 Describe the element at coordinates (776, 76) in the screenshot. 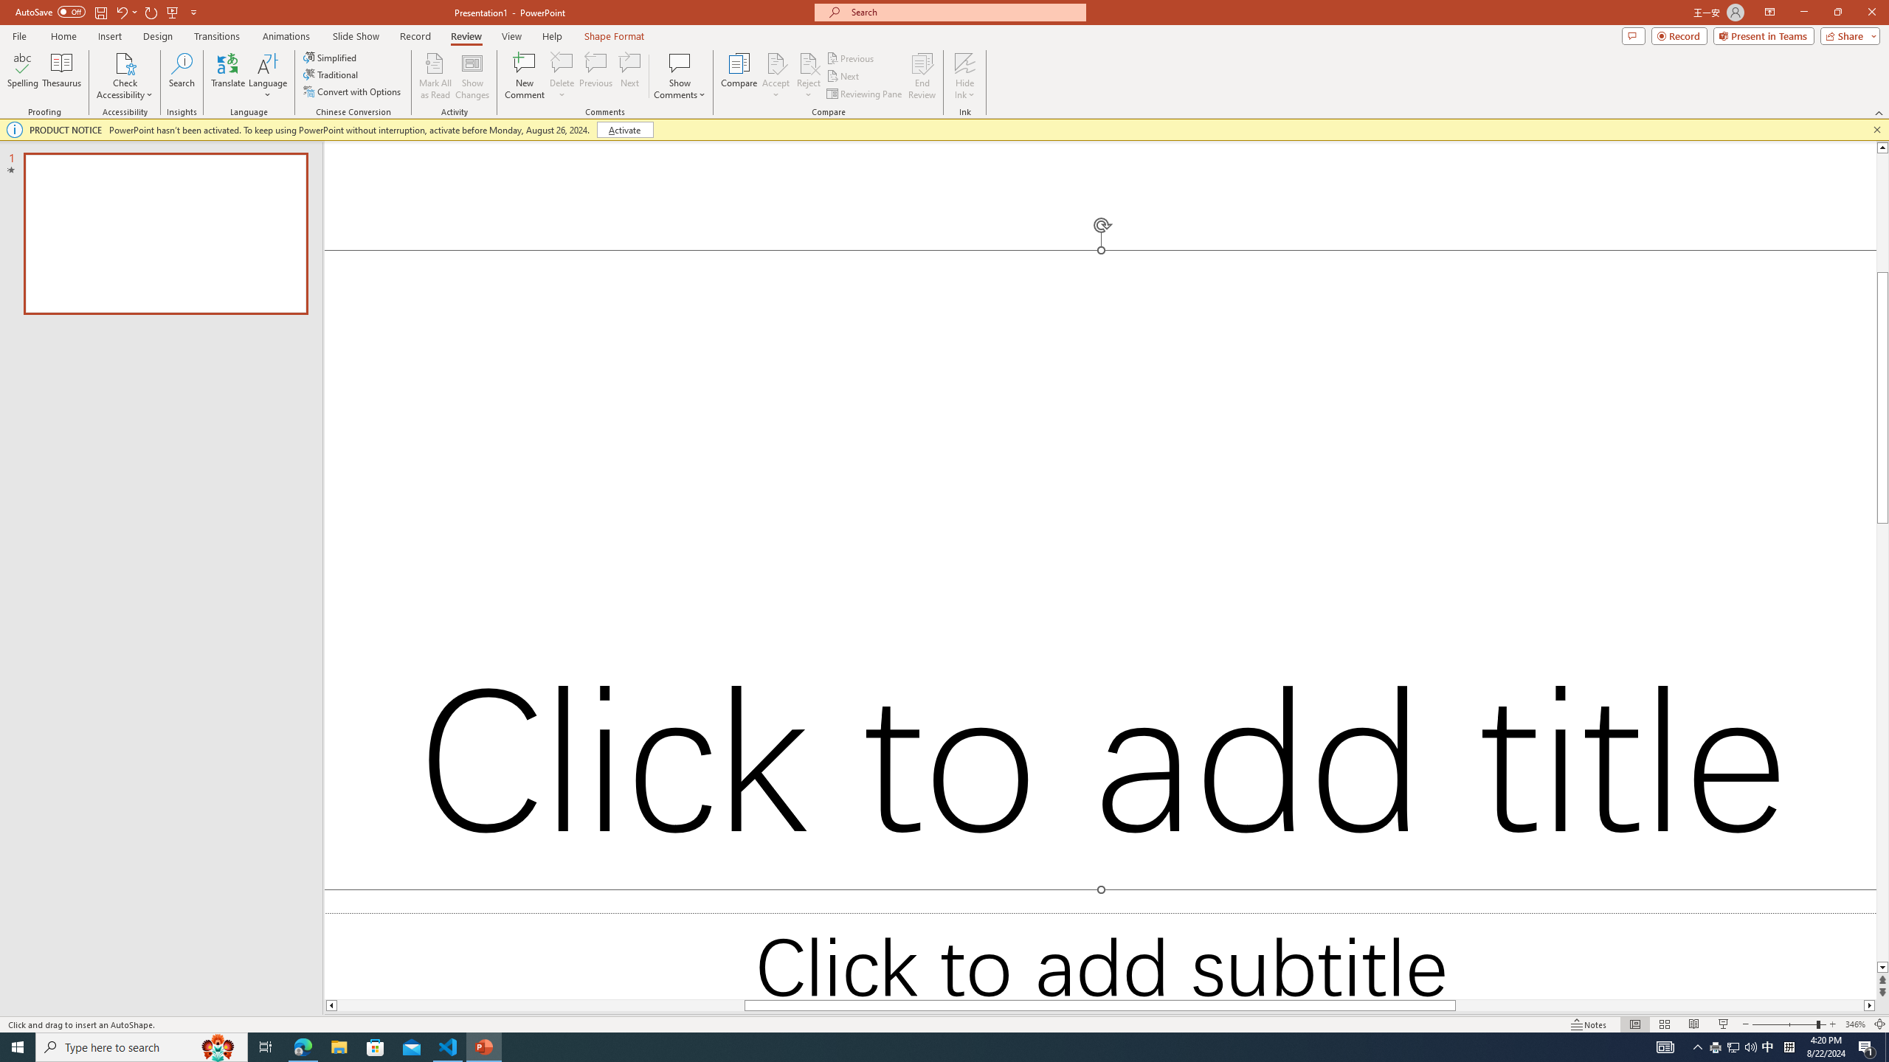

I see `'Accept'` at that location.